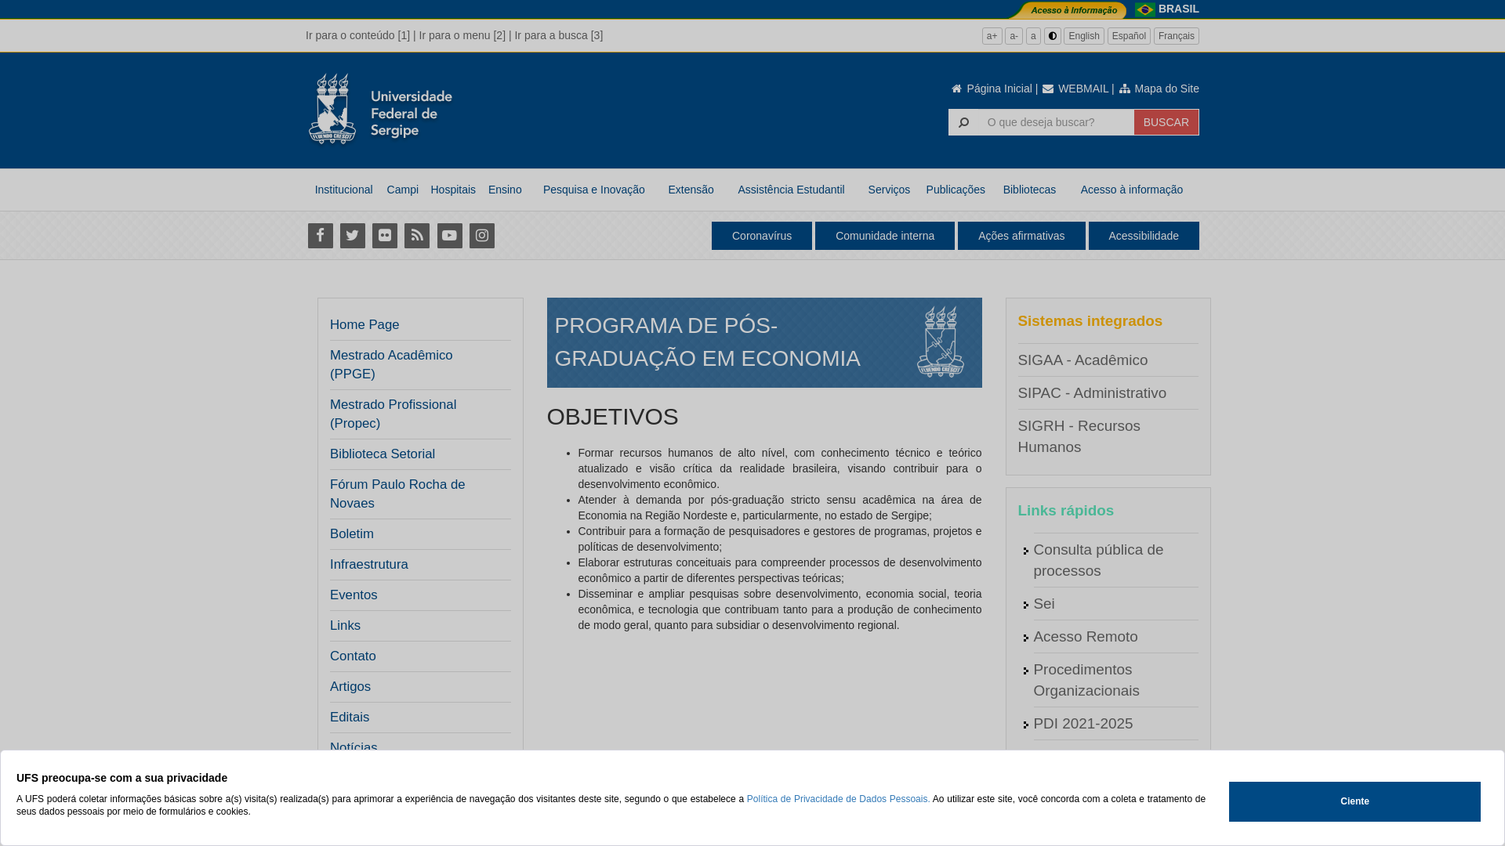  What do you see at coordinates (558, 35) in the screenshot?
I see `'Ir para a busca [3]'` at bounding box center [558, 35].